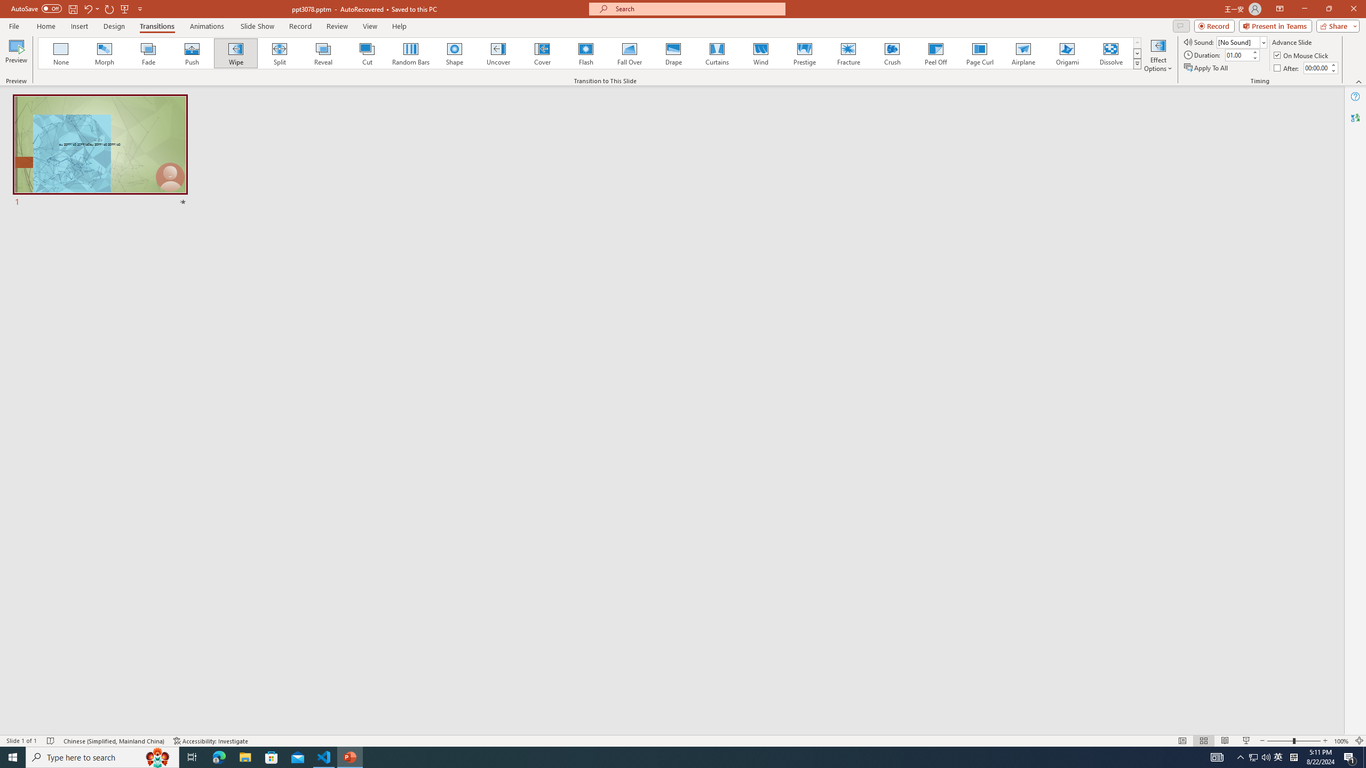  I want to click on 'Page Curl', so click(979, 53).